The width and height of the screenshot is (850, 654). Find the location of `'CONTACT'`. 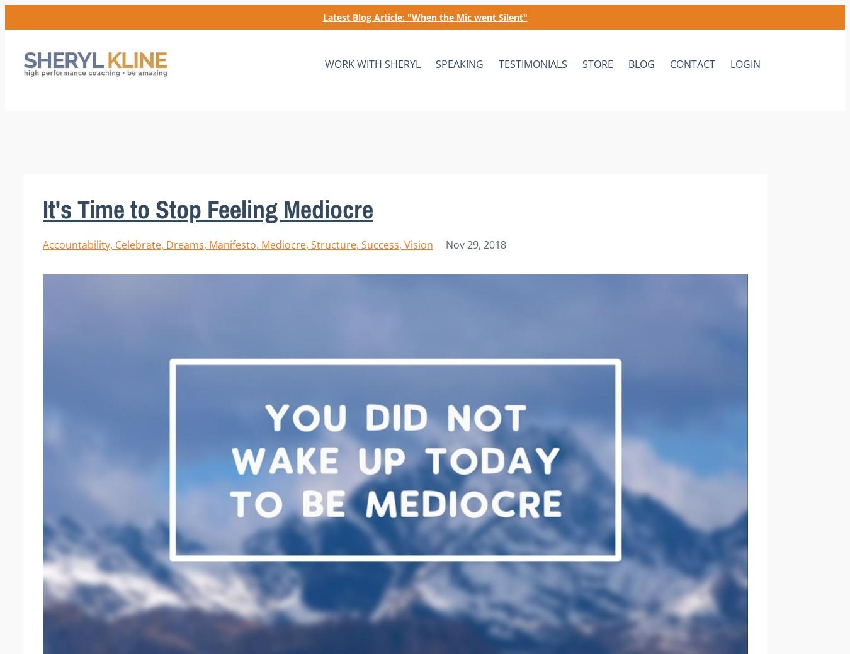

'CONTACT' is located at coordinates (692, 64).